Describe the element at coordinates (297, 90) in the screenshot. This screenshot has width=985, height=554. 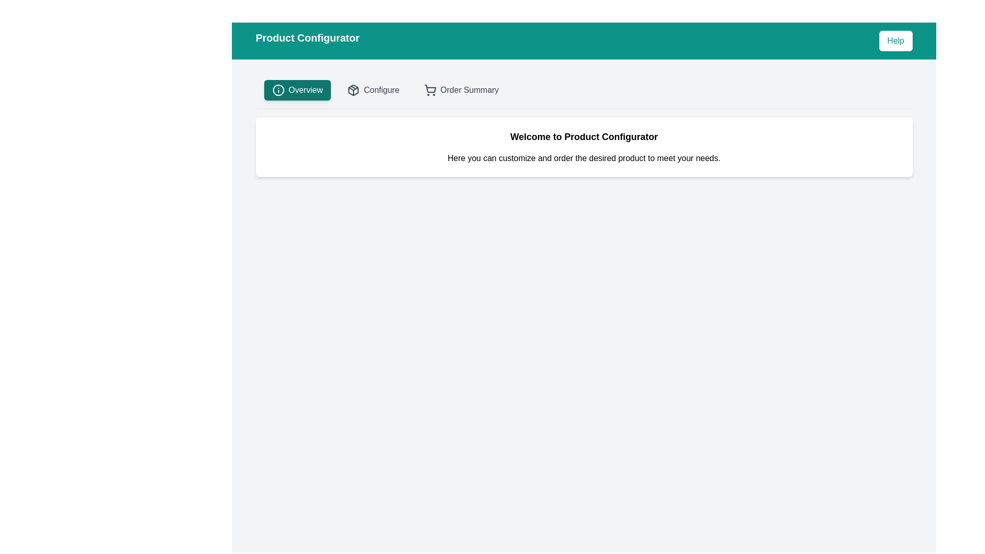
I see `the 'Overview' button located in the middle of the navigation bar, which is the first of three main navigation buttons` at that location.